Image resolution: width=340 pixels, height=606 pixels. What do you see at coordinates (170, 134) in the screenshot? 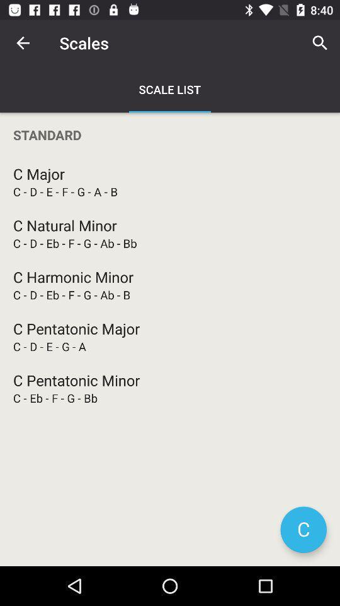
I see `the item below scale list item` at bounding box center [170, 134].